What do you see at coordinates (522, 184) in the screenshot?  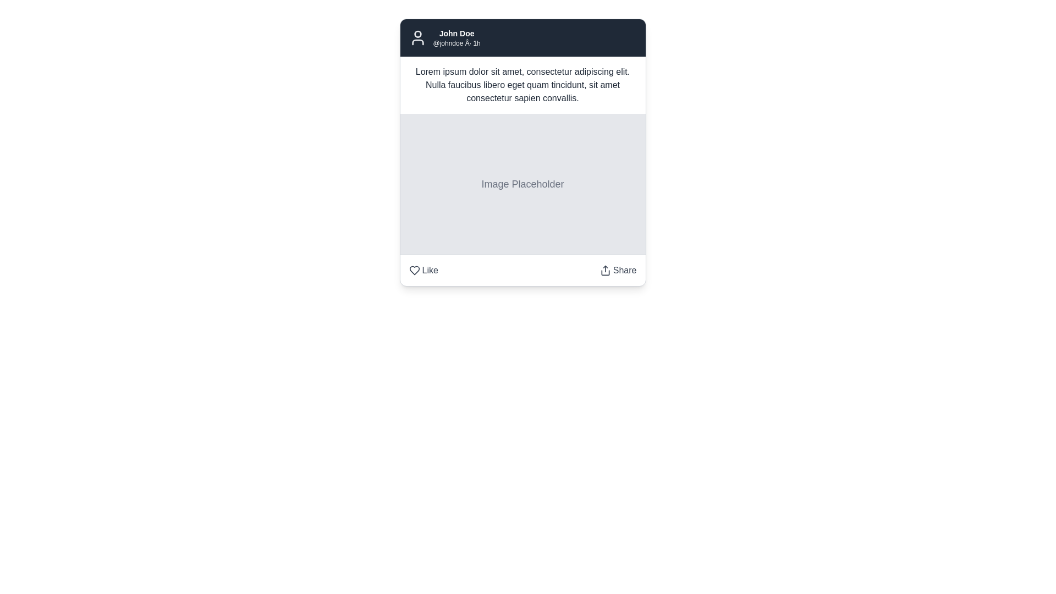 I see `the 'Image Placeholder' element, which is a rectangular area with a light gray background and centered text reading 'Image Placeholder', located centrally in the lower half of the card` at bounding box center [522, 184].